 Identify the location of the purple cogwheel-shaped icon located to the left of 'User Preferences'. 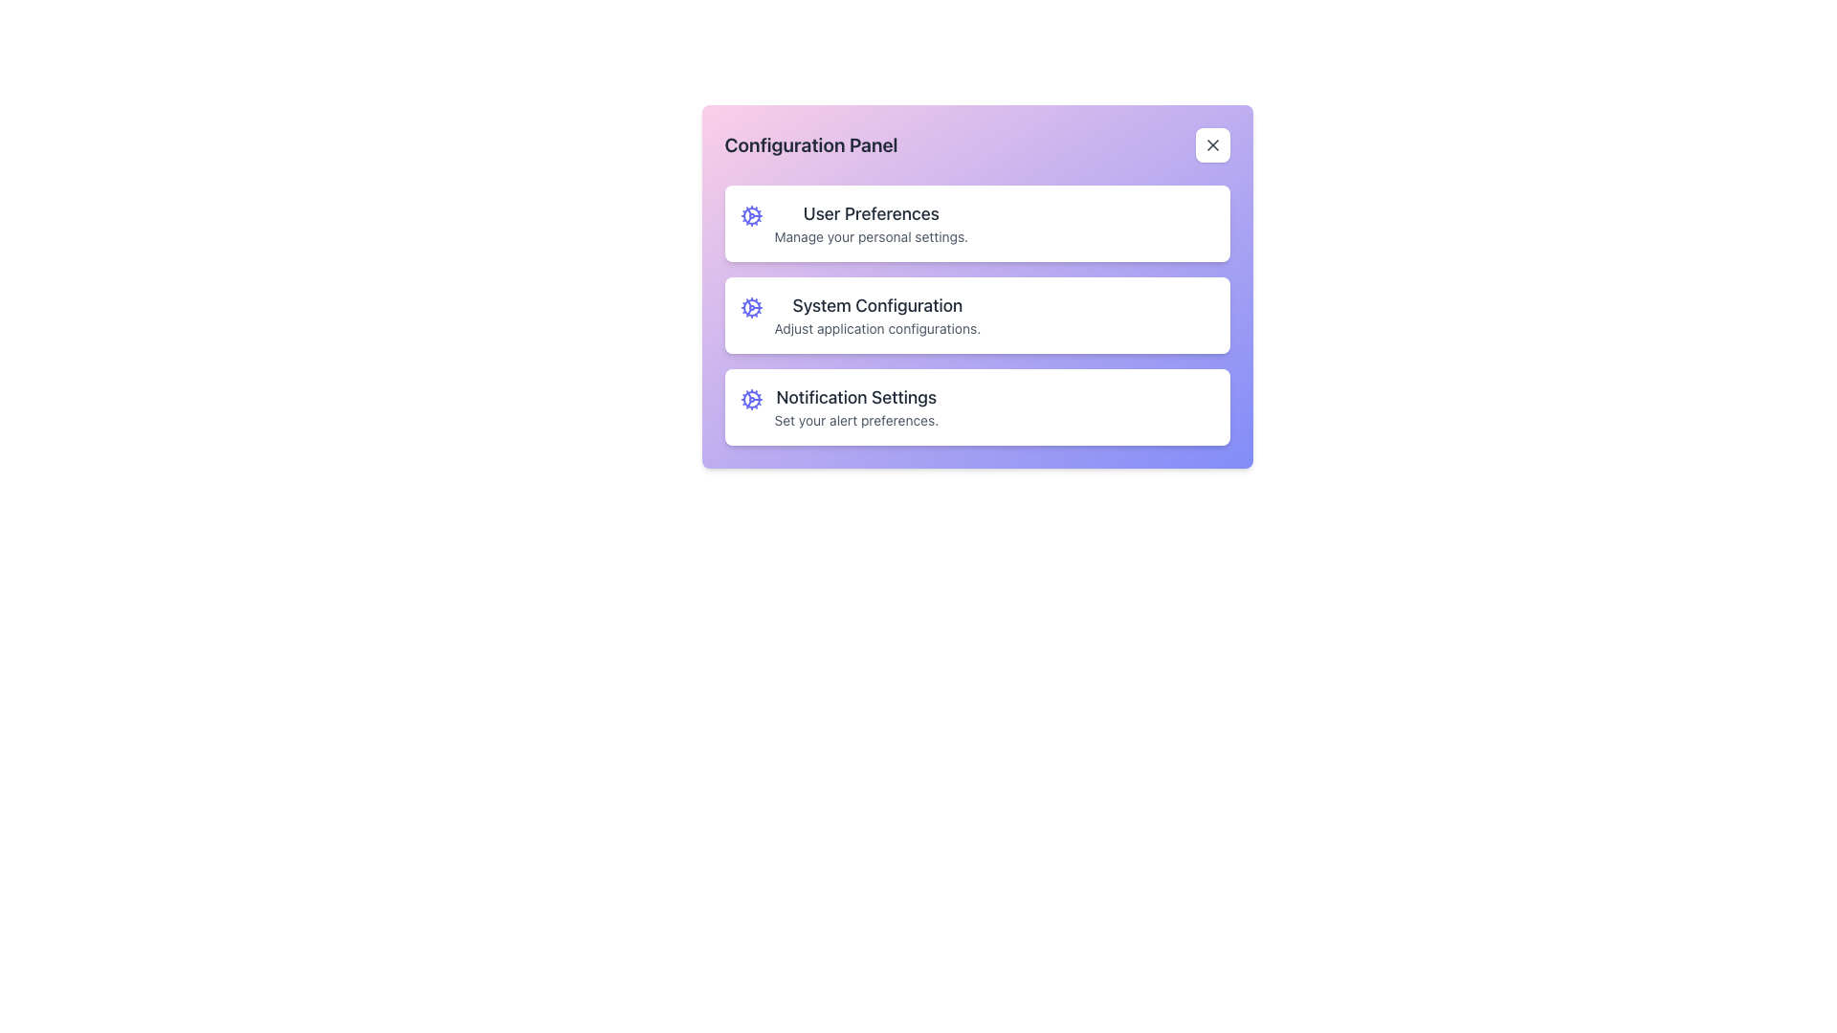
(750, 215).